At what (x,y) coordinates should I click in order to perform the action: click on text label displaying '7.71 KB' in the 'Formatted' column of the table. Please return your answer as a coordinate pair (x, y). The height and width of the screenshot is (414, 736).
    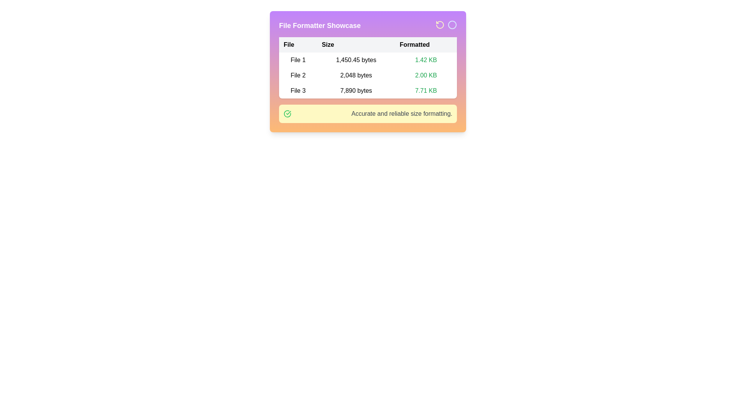
    Looking at the image, I should click on (426, 90).